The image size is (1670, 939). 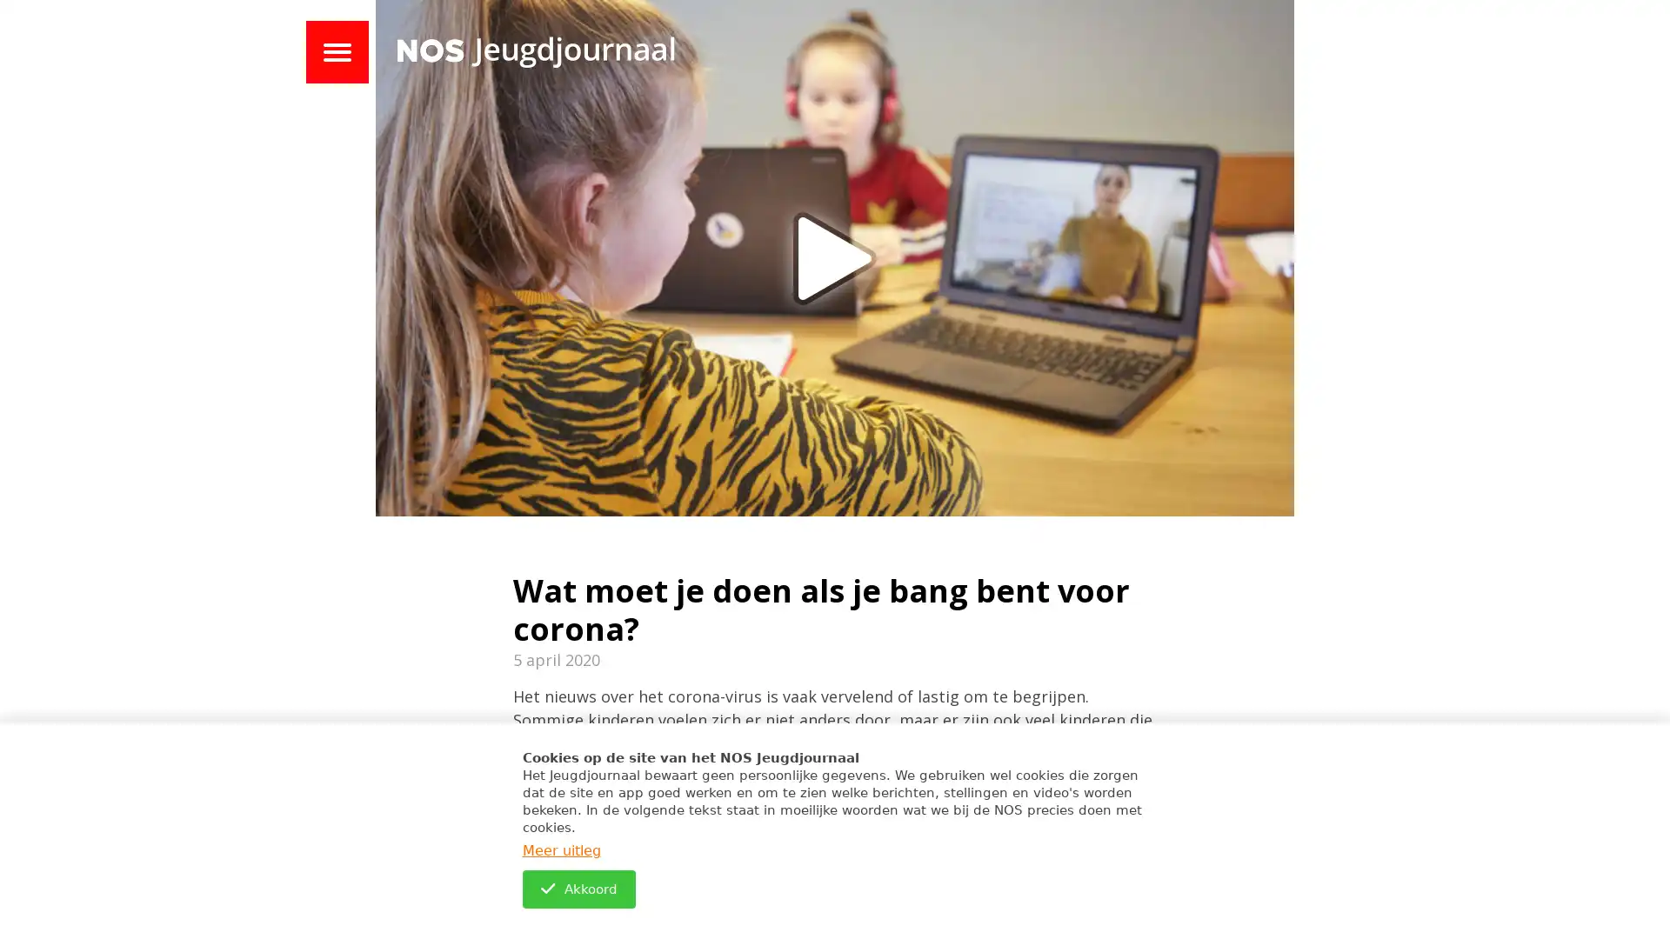 What do you see at coordinates (578, 889) in the screenshot?
I see `Akkoord` at bounding box center [578, 889].